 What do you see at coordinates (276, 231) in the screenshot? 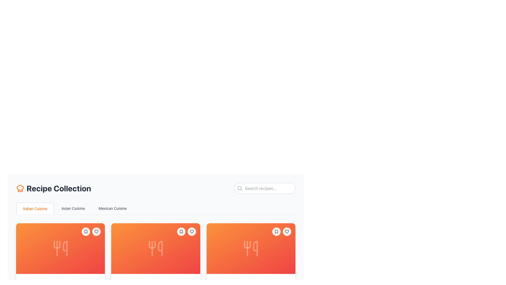
I see `the circular button with a white background and a gray bookmark icon located in the top-right corner of the orange content card to bookmark the associated item` at bounding box center [276, 231].